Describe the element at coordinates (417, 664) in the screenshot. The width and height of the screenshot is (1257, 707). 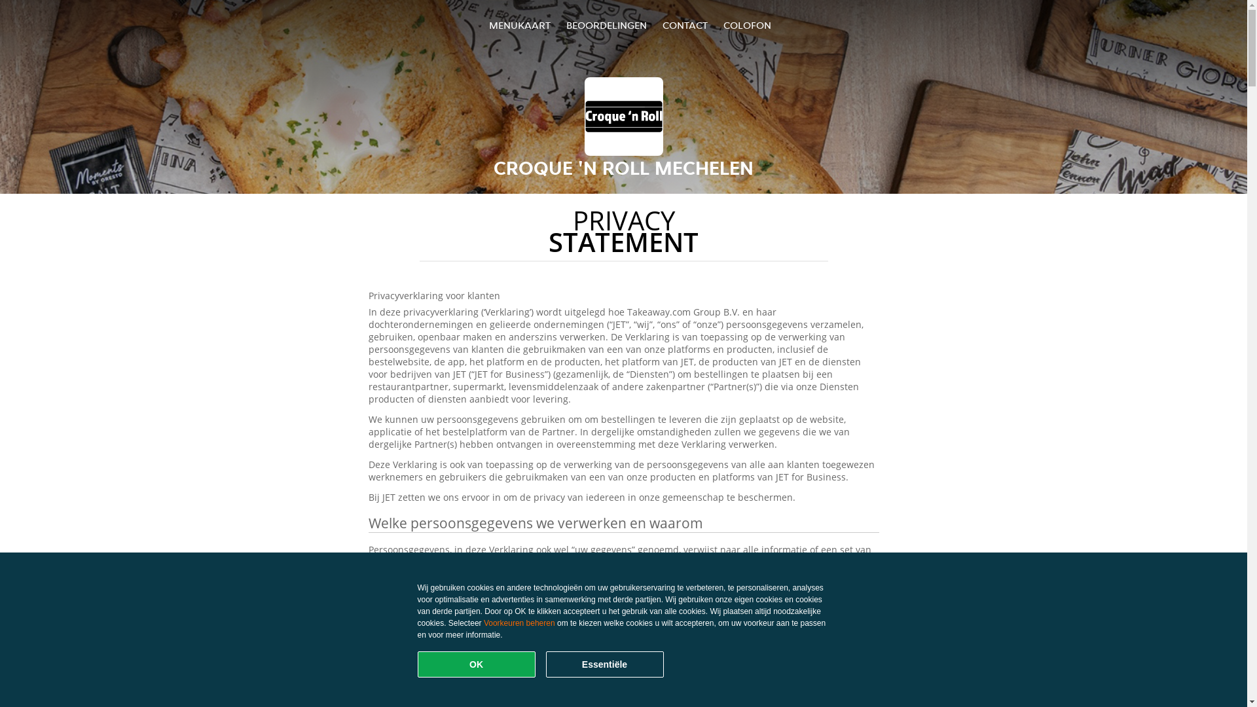
I see `'OK'` at that location.